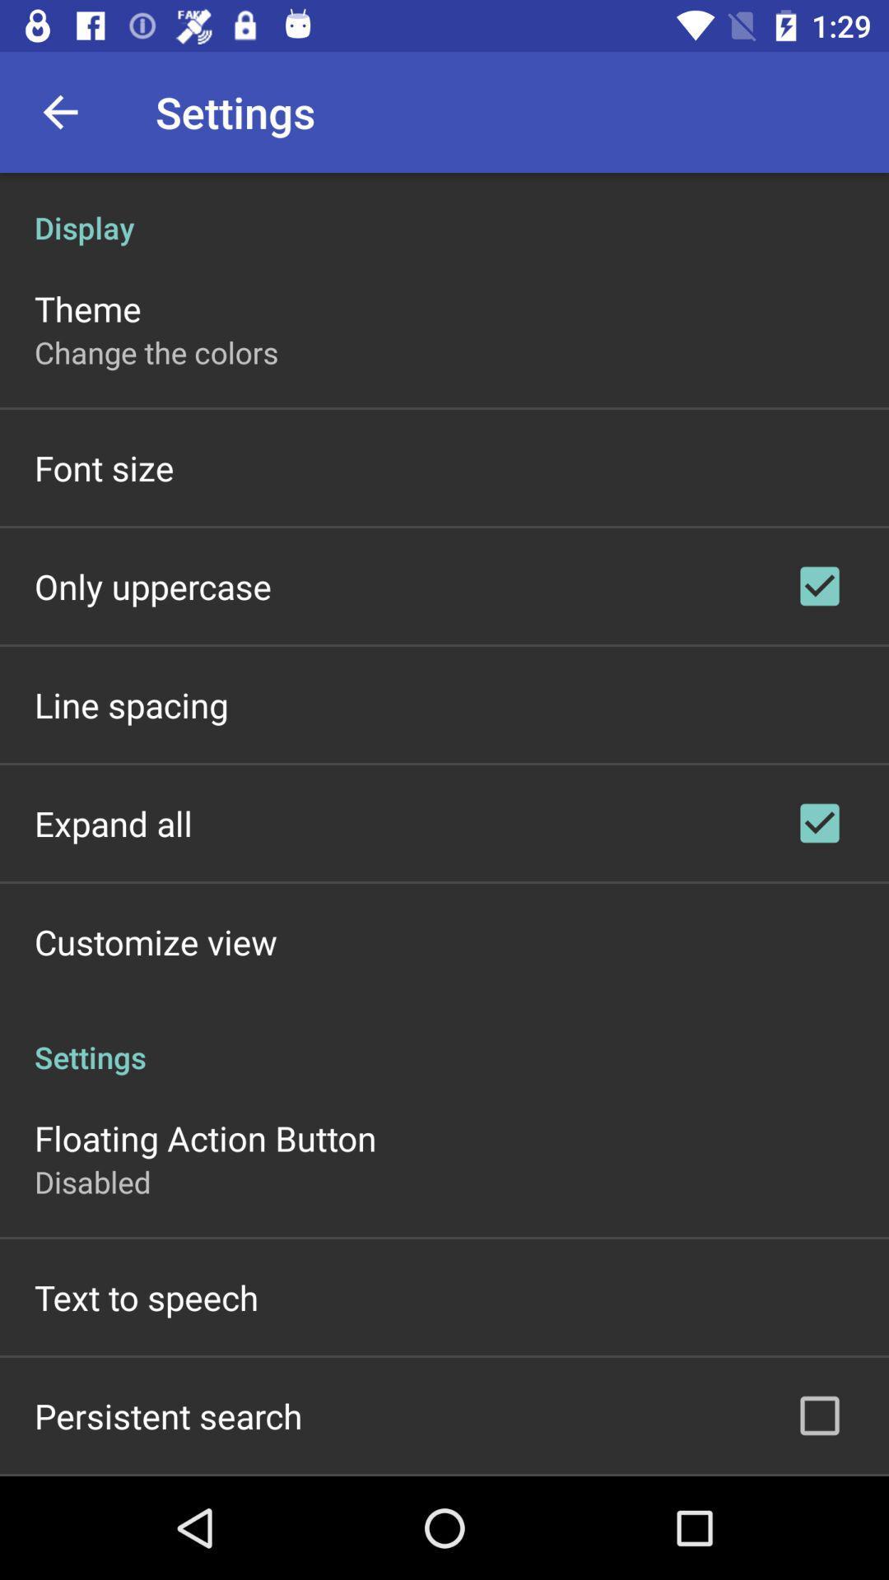 The image size is (889, 1580). Describe the element at coordinates (130, 704) in the screenshot. I see `the line spacing` at that location.